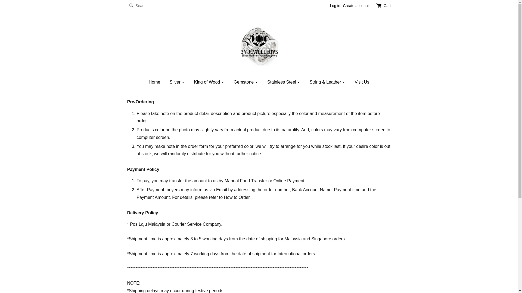  I want to click on 'Home', so click(156, 82).